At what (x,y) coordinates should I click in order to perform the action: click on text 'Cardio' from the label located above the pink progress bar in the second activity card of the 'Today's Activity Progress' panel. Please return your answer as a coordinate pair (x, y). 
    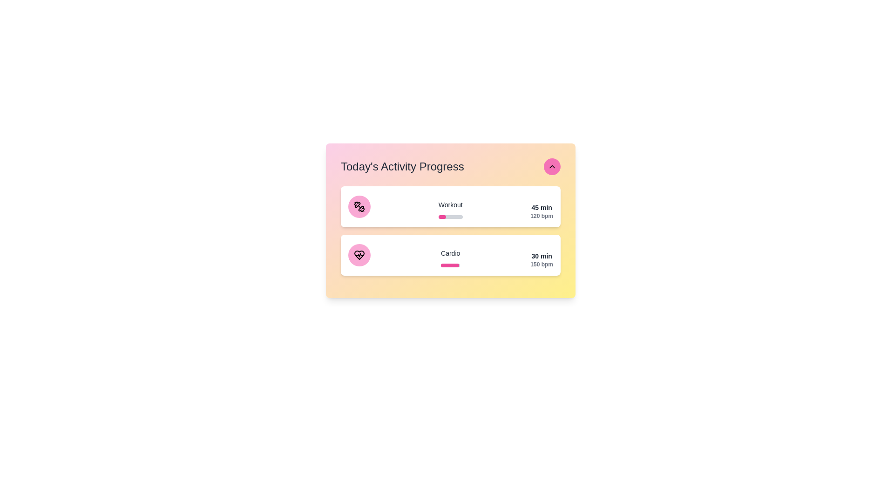
    Looking at the image, I should click on (450, 258).